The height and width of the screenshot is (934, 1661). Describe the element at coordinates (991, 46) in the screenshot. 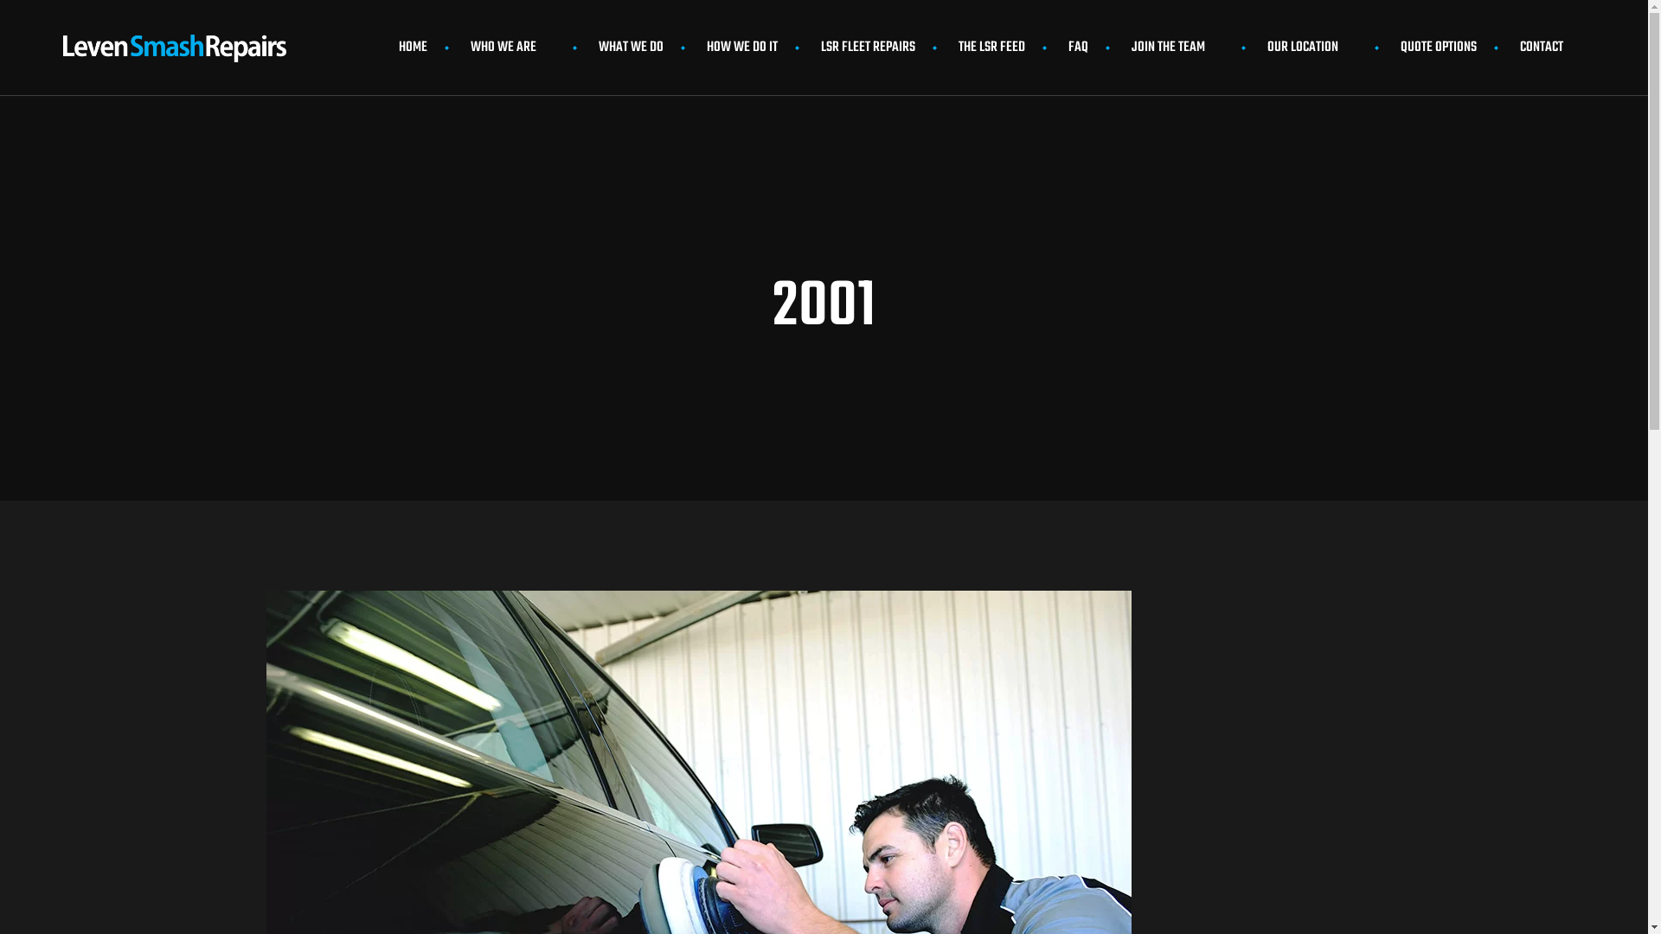

I see `'THE LSR FEED'` at that location.